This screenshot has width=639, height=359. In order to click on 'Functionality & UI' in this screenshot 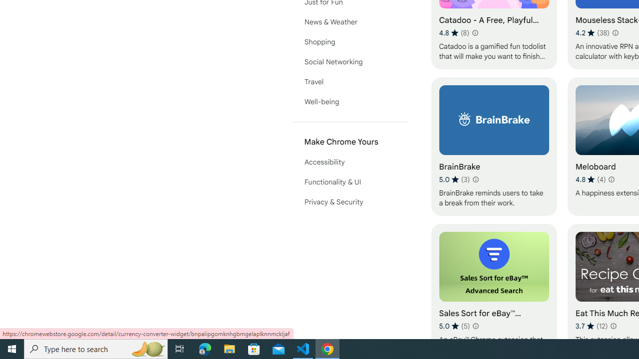, I will do `click(349, 182)`.